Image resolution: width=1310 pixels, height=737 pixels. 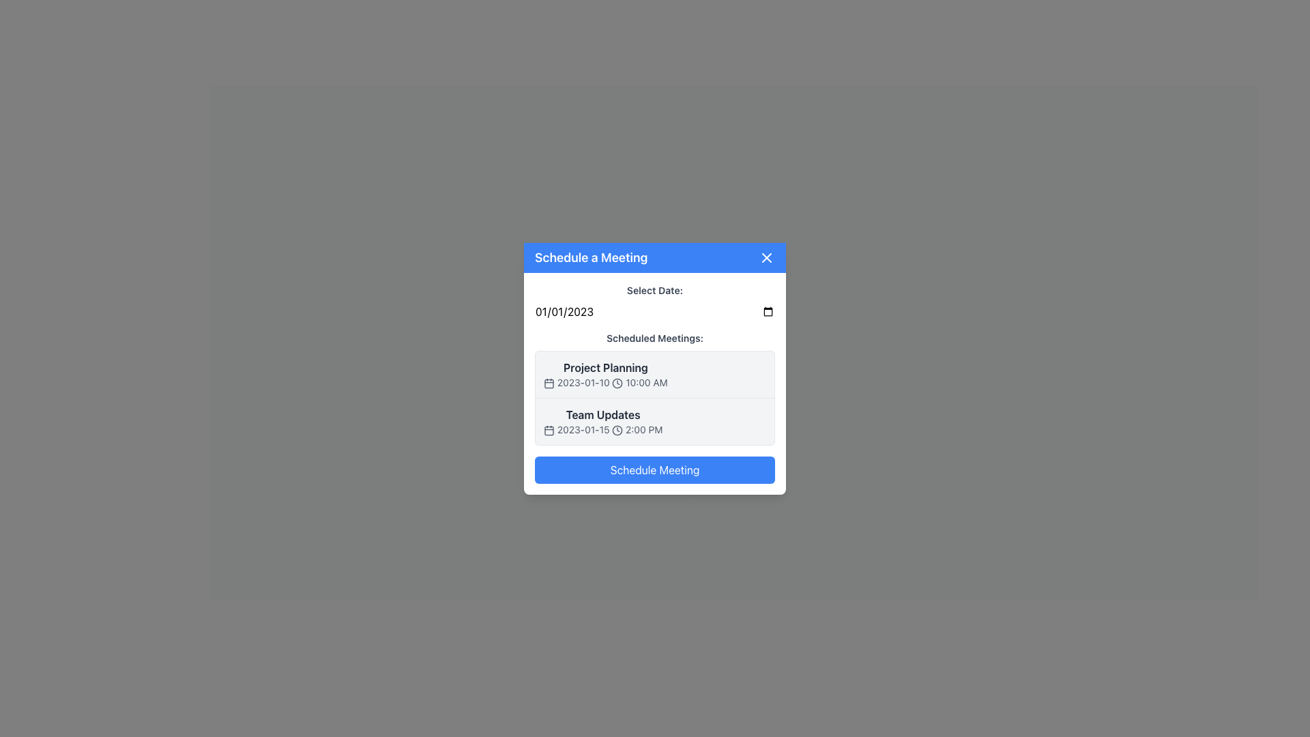 I want to click on the date picker input labeled 'Select Date:', so click(x=655, y=301).